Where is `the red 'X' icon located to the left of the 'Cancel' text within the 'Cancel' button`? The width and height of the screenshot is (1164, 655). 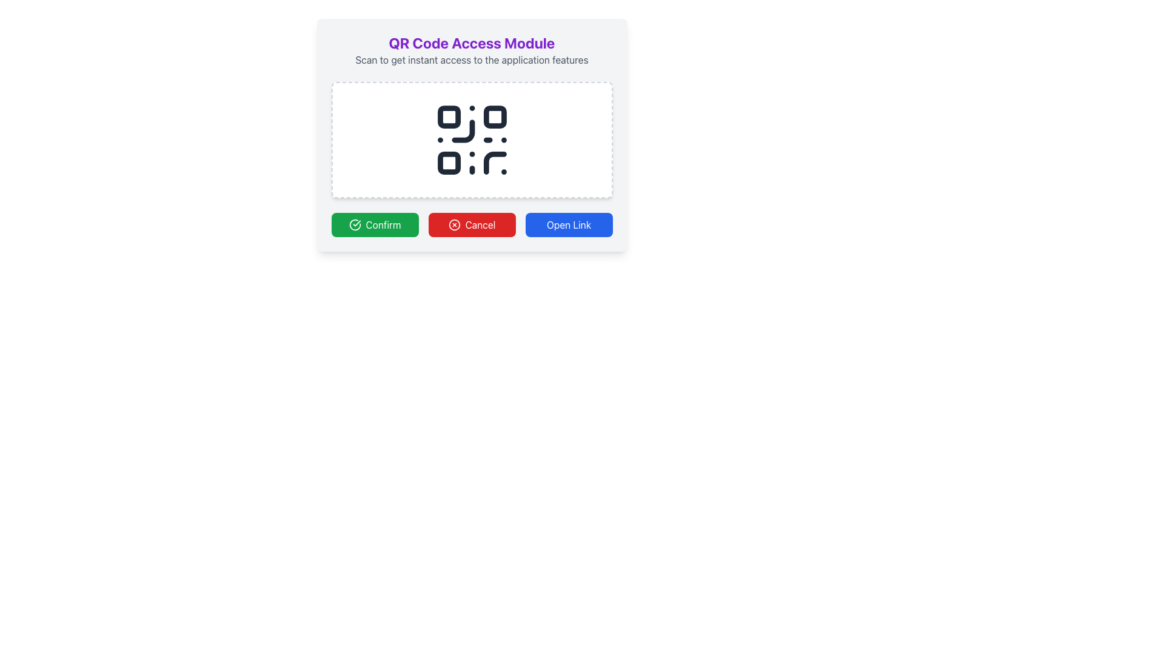 the red 'X' icon located to the left of the 'Cancel' text within the 'Cancel' button is located at coordinates (453, 224).